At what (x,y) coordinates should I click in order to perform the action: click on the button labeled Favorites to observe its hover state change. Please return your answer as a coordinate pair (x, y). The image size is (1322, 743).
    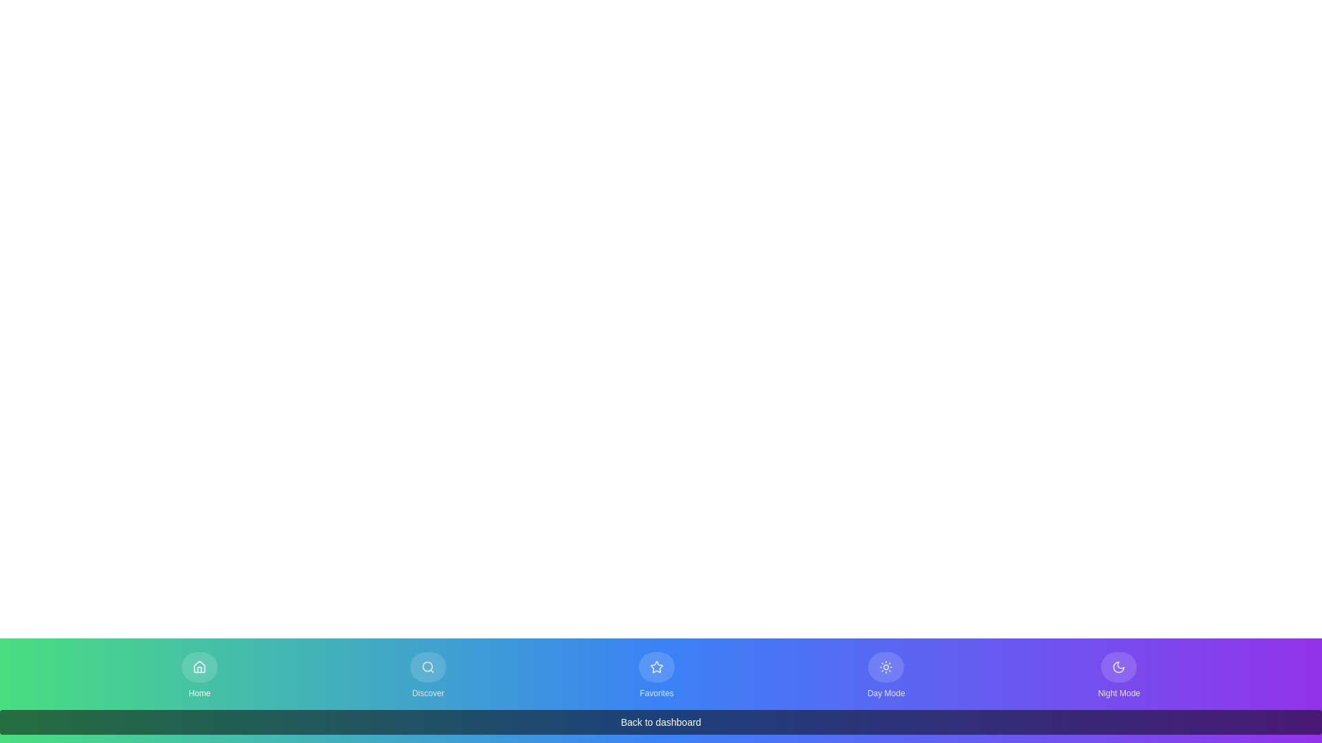
    Looking at the image, I should click on (655, 675).